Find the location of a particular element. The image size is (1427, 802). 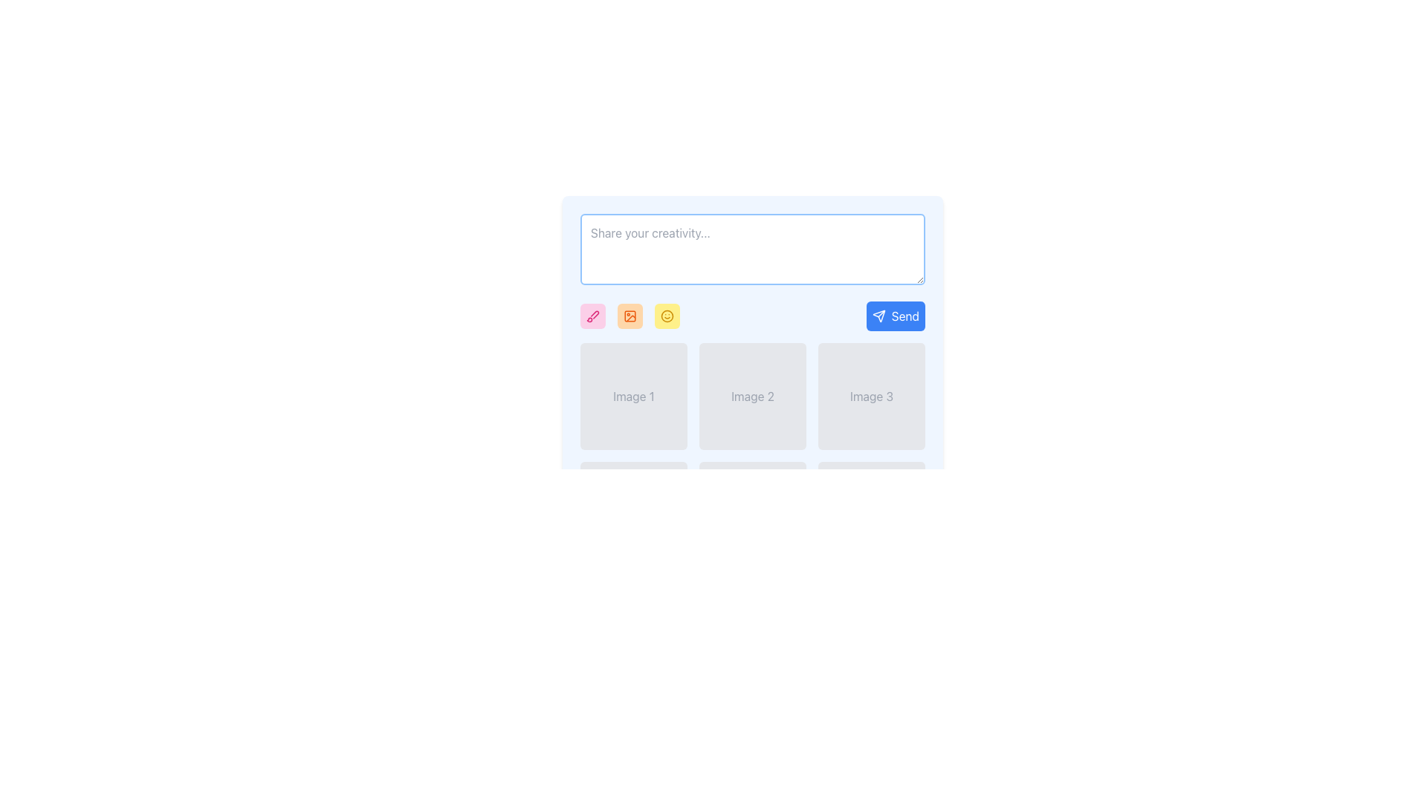

the smiley face icon button is located at coordinates (666, 315).